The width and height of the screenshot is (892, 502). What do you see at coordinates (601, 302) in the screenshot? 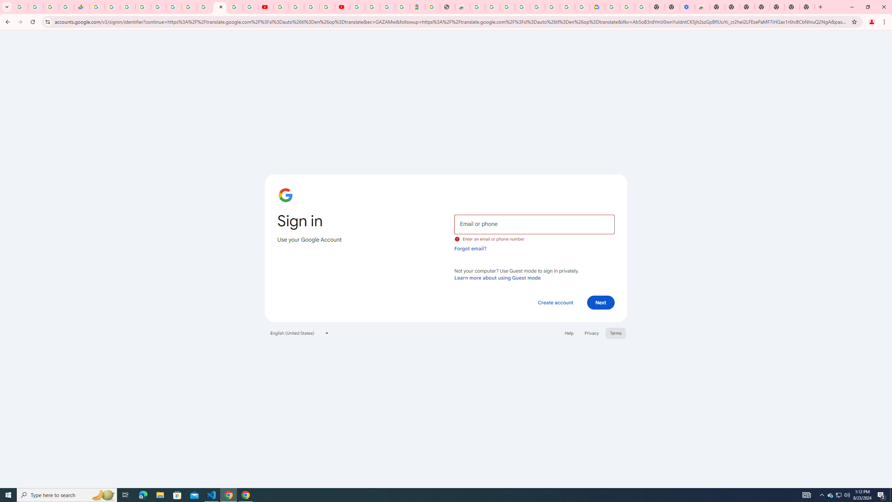
I see `'Next'` at bounding box center [601, 302].